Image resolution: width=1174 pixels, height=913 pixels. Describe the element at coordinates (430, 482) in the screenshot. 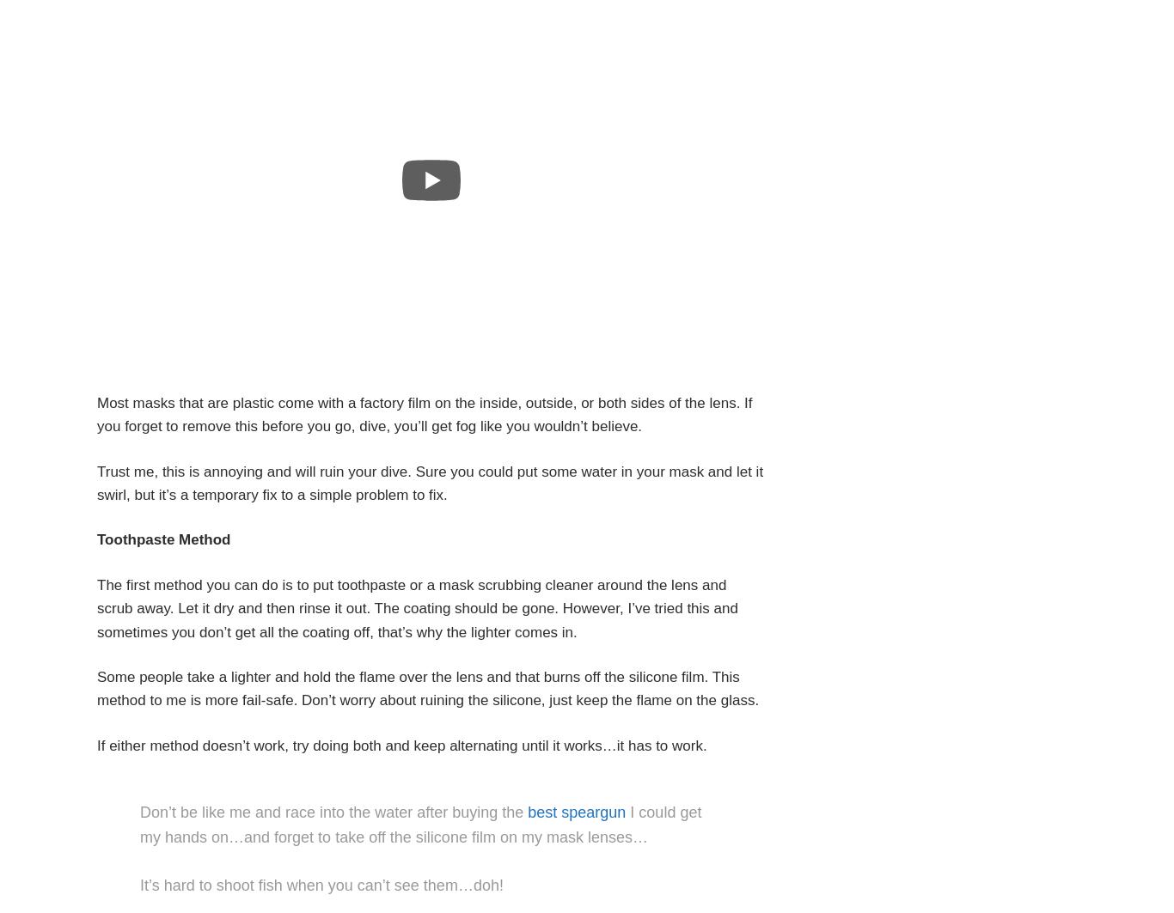

I see `'Trust me, this is annoying and will ruin your dive. Sure you could put some water in your mask and let it swirl, but it’s a temporary fix to a simple problem to fix.'` at that location.